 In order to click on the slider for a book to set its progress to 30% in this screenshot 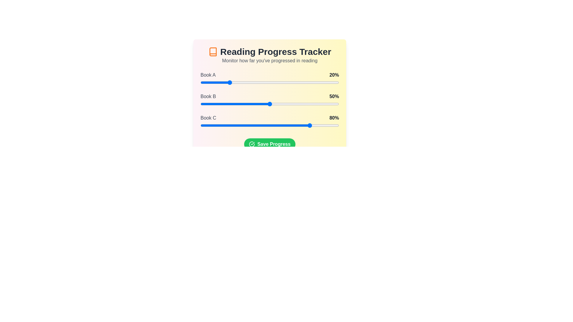, I will do `click(242, 83)`.